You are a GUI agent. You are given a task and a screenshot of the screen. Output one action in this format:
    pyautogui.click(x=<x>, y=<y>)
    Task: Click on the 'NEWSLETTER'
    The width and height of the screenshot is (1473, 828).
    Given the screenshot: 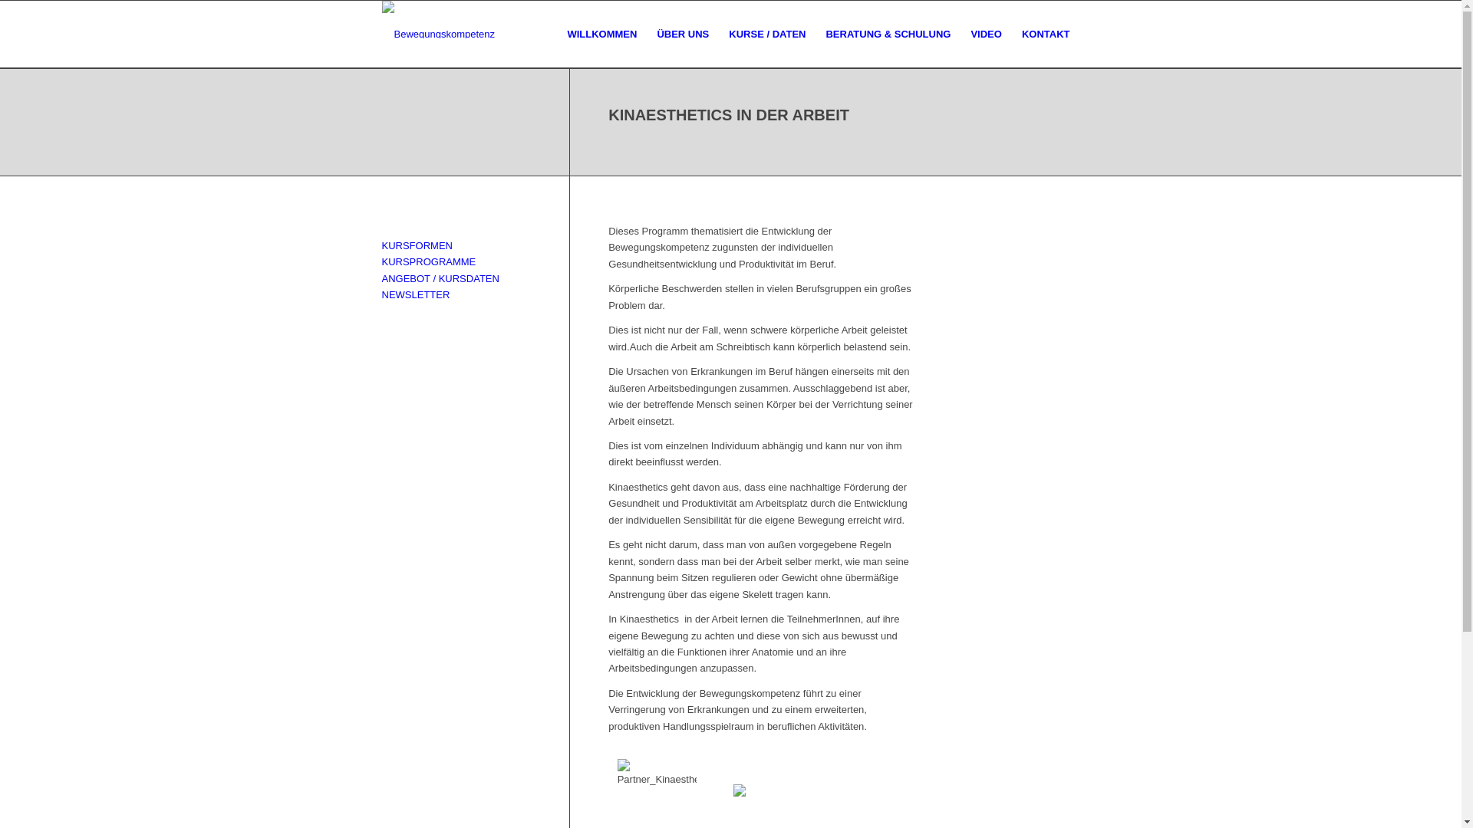 What is the action you would take?
    pyautogui.click(x=416, y=294)
    